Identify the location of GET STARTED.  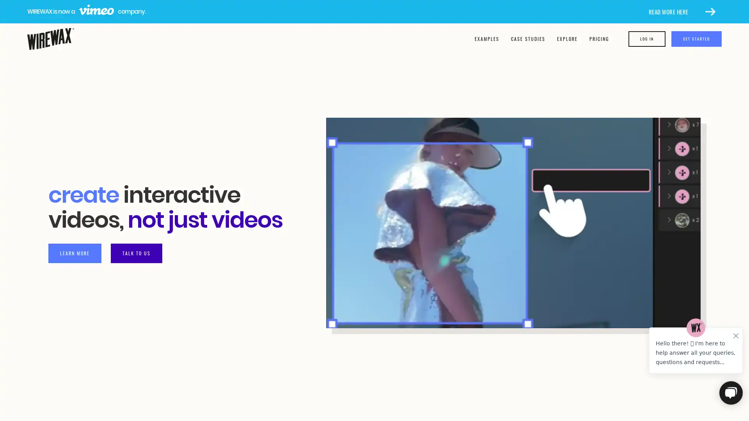
(696, 39).